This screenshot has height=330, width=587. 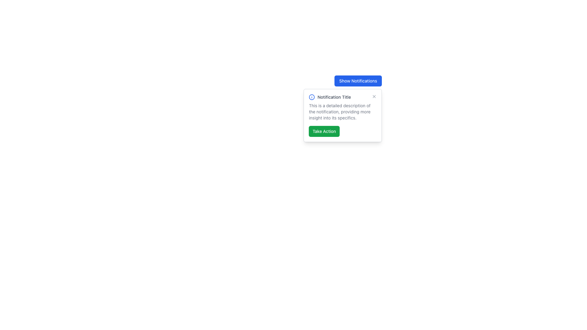 I want to click on the circular outline SVG icon with an 'i' symbol, which is located to the left of the title 'Notification Title' within the notification card, so click(x=312, y=97).